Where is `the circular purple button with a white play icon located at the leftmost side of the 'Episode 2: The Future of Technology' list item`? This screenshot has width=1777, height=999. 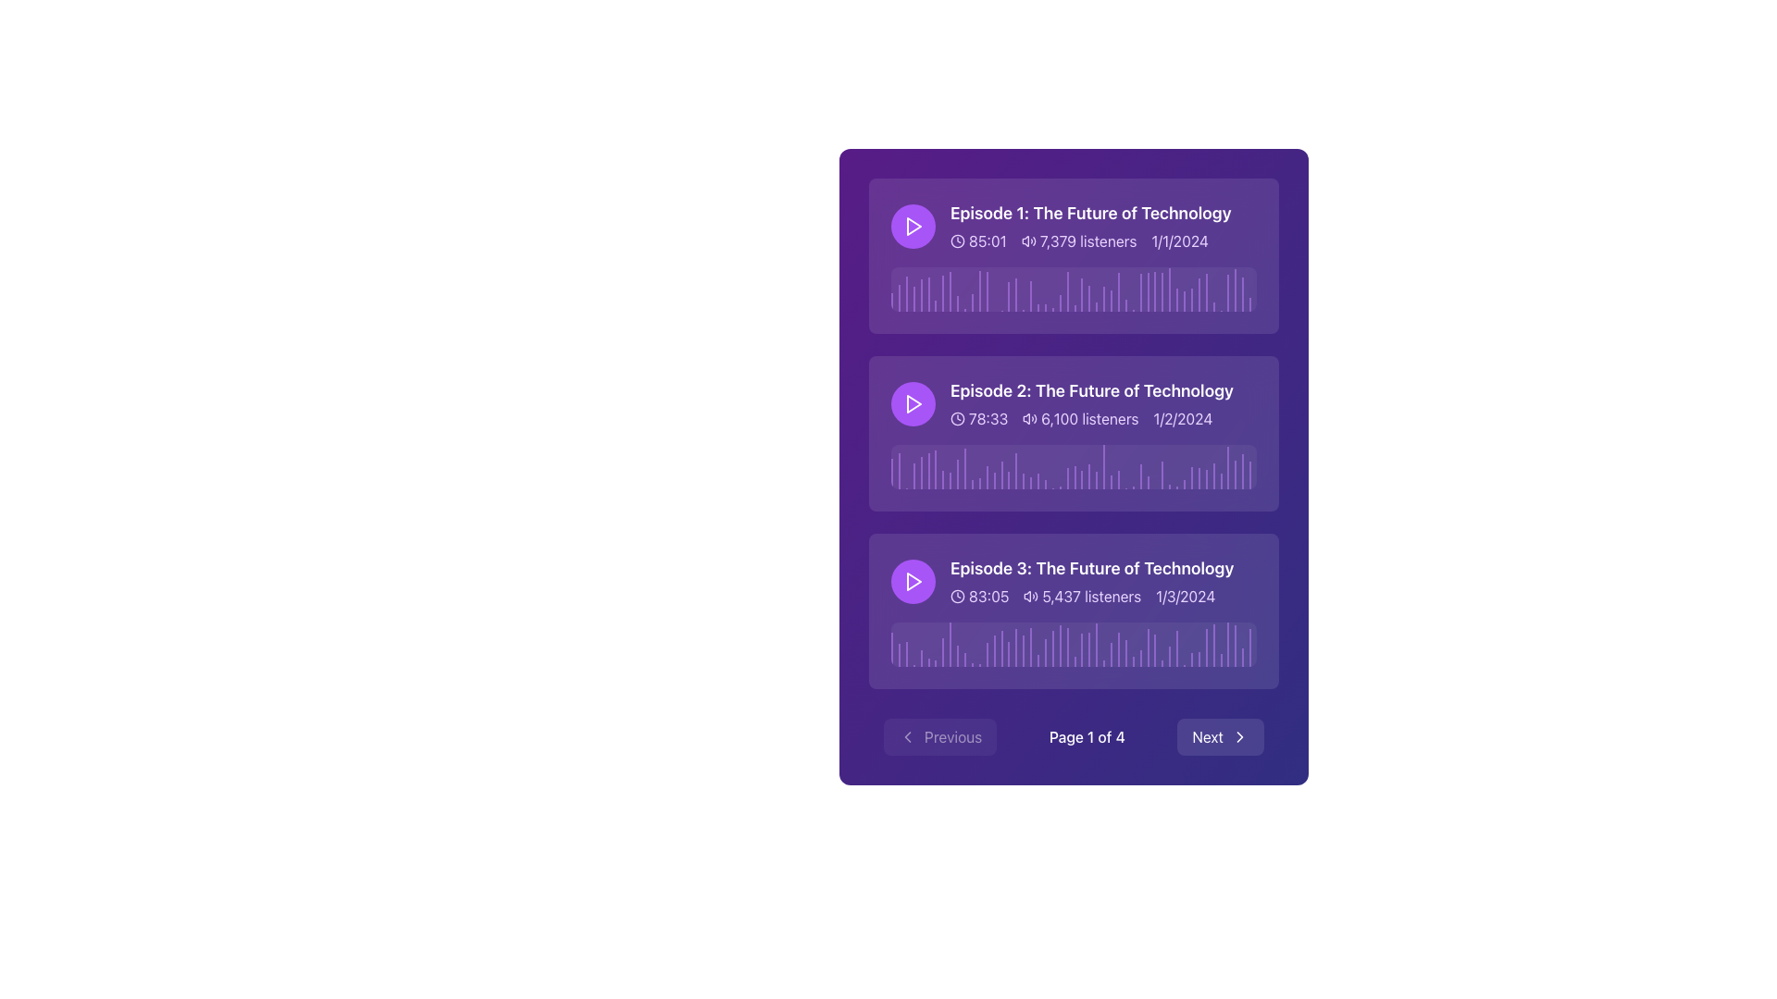 the circular purple button with a white play icon located at the leftmost side of the 'Episode 2: The Future of Technology' list item is located at coordinates (913, 402).